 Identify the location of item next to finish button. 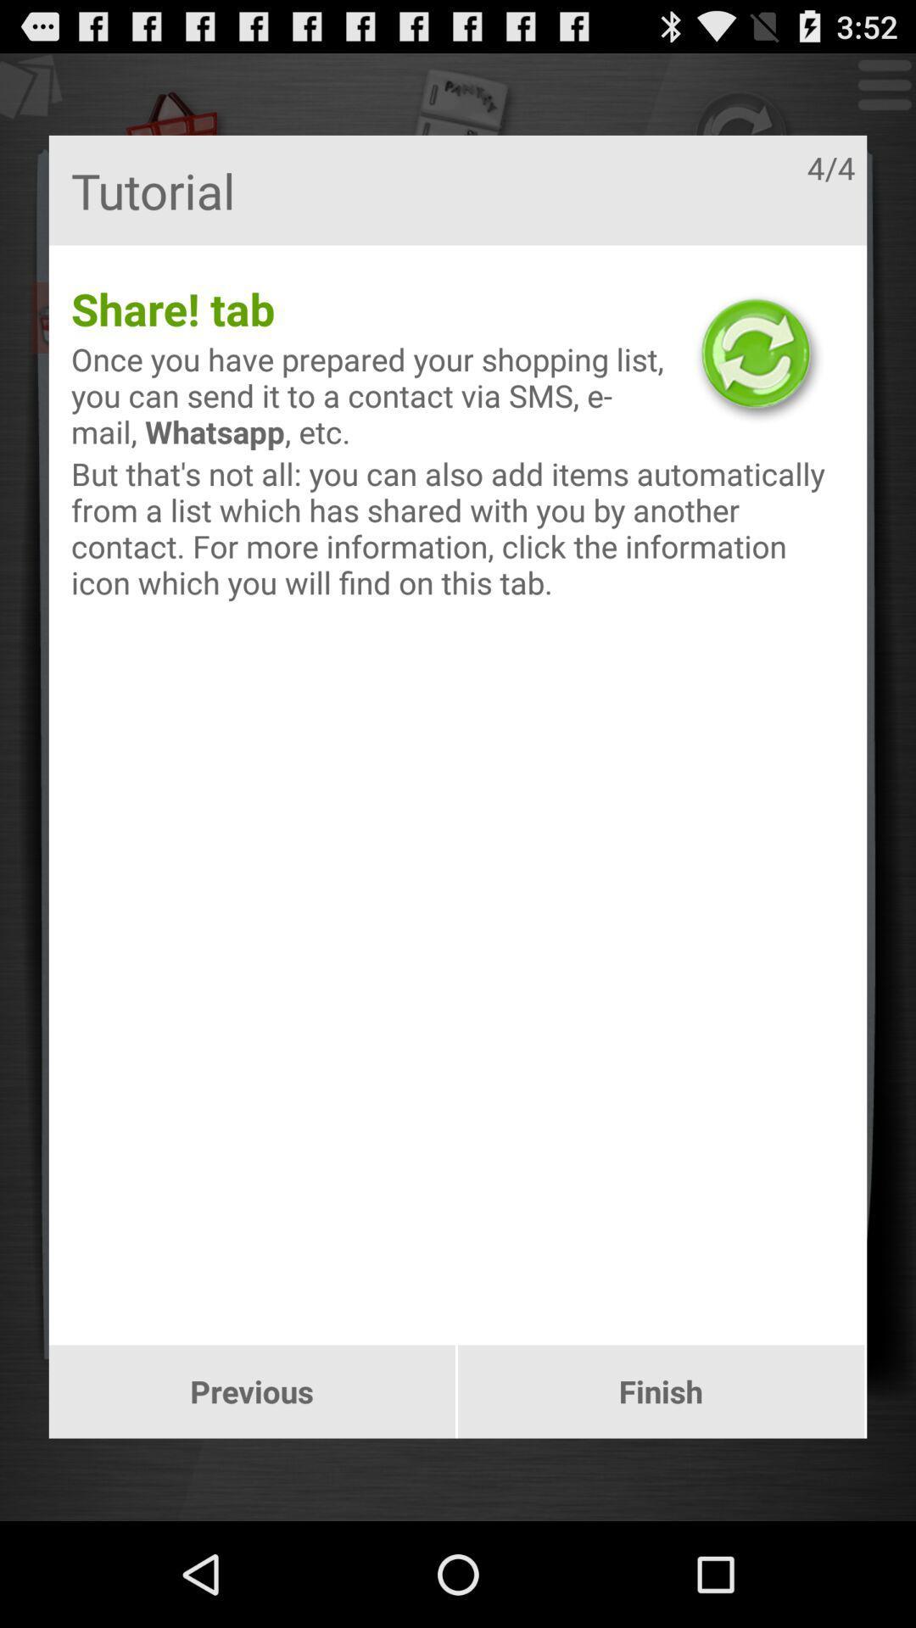
(252, 1391).